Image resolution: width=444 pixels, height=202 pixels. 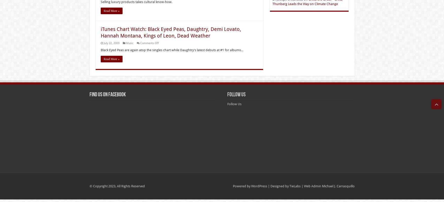 I want to click on 'Comments Off', so click(x=140, y=43).